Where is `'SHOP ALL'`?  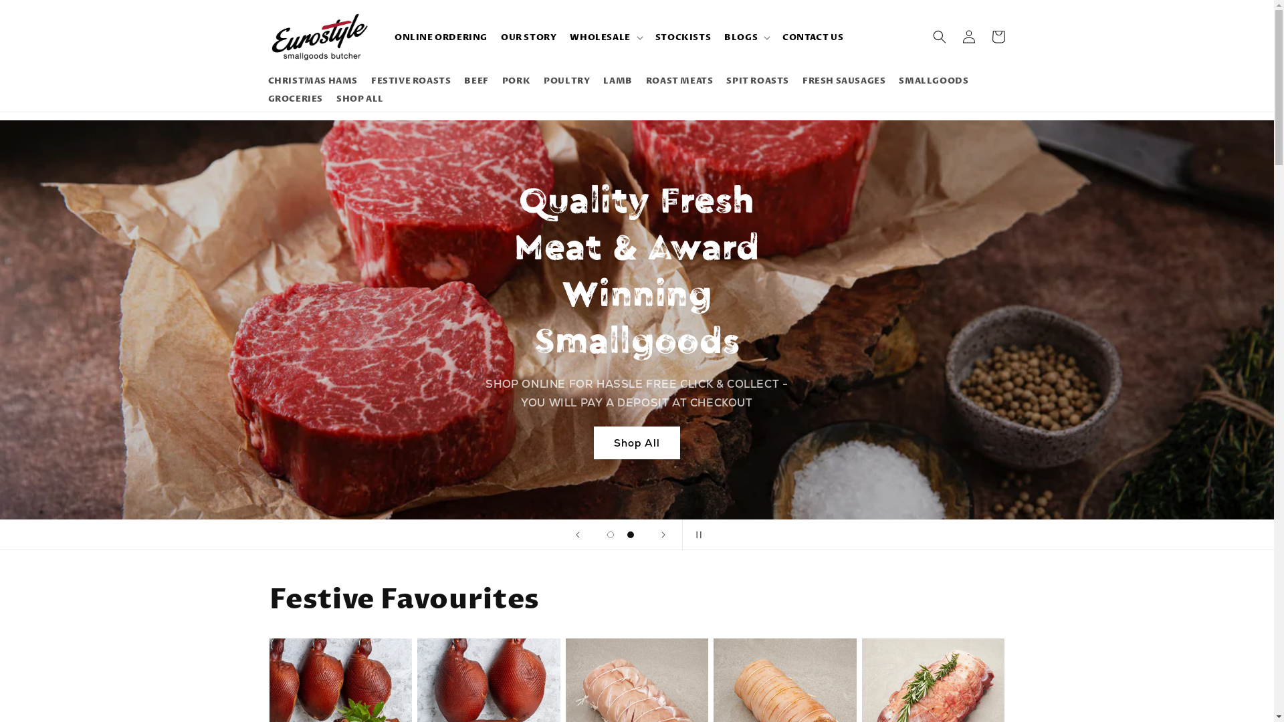
'SHOP ALL' is located at coordinates (360, 98).